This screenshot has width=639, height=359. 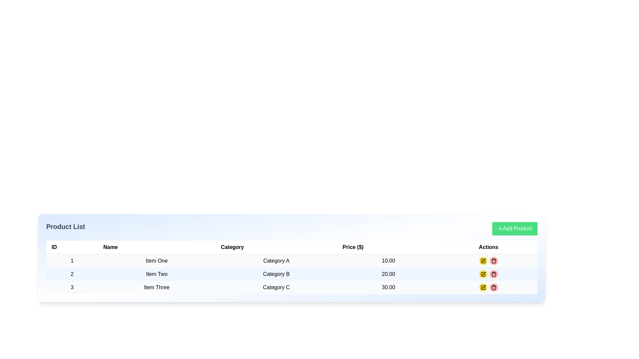 I want to click on the text display element that shows 'Category B' in the 'Category' column of the data table located beneath the header 'Product List', so click(x=276, y=274).